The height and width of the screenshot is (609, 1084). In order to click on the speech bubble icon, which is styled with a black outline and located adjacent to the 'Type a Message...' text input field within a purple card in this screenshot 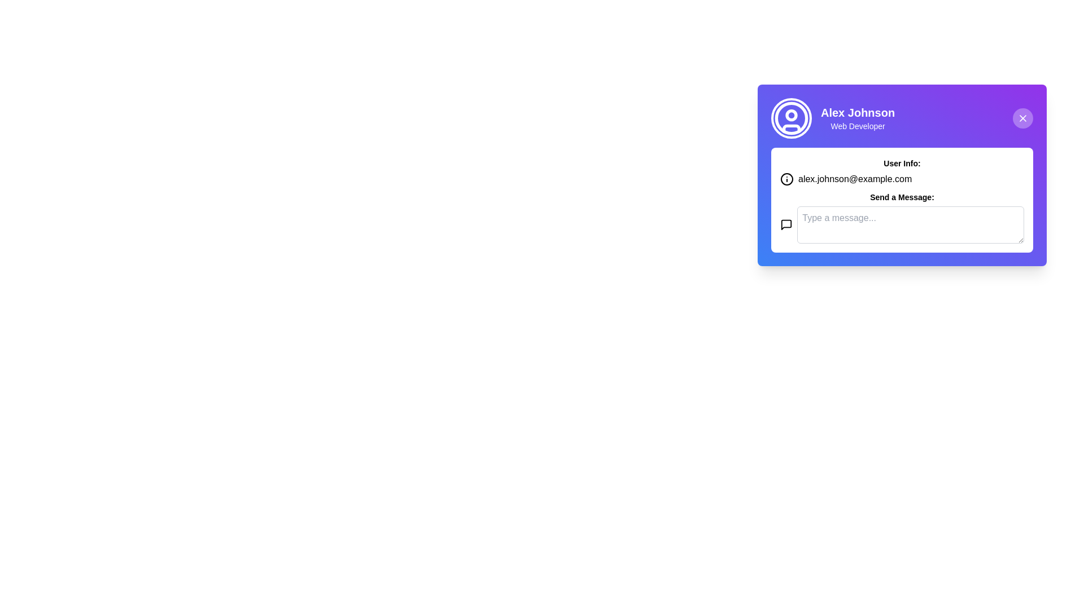, I will do `click(786, 224)`.